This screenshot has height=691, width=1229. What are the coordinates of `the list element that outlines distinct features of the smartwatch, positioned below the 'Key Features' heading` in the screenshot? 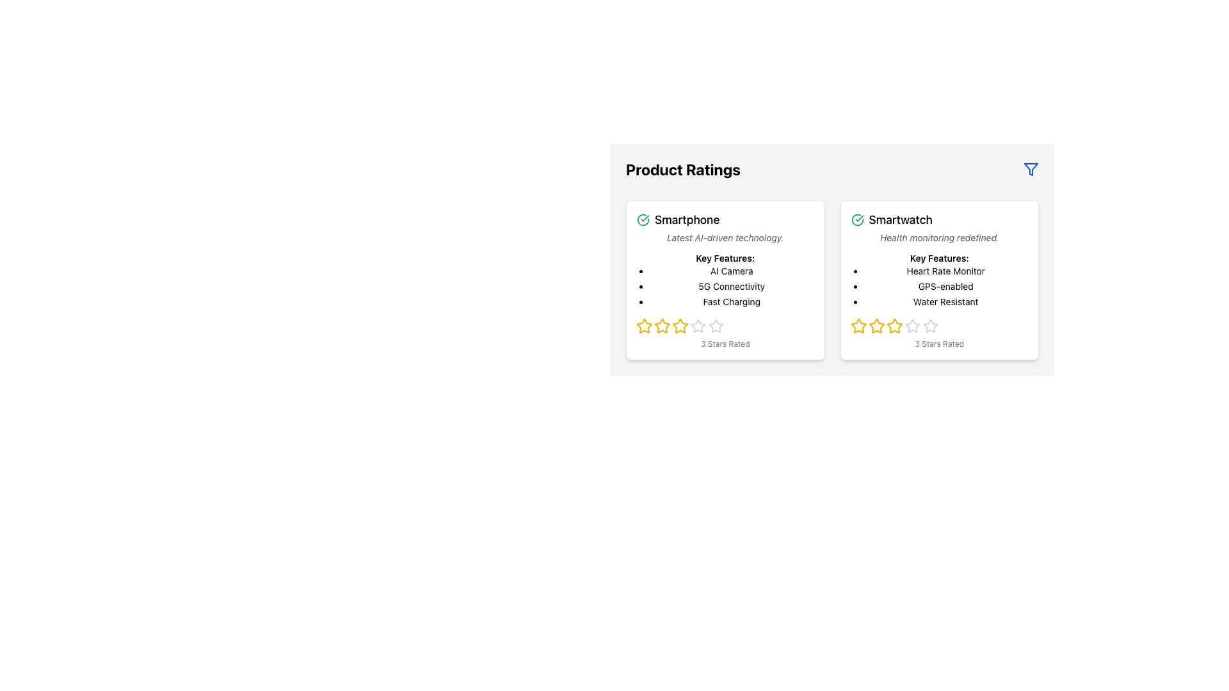 It's located at (945, 285).